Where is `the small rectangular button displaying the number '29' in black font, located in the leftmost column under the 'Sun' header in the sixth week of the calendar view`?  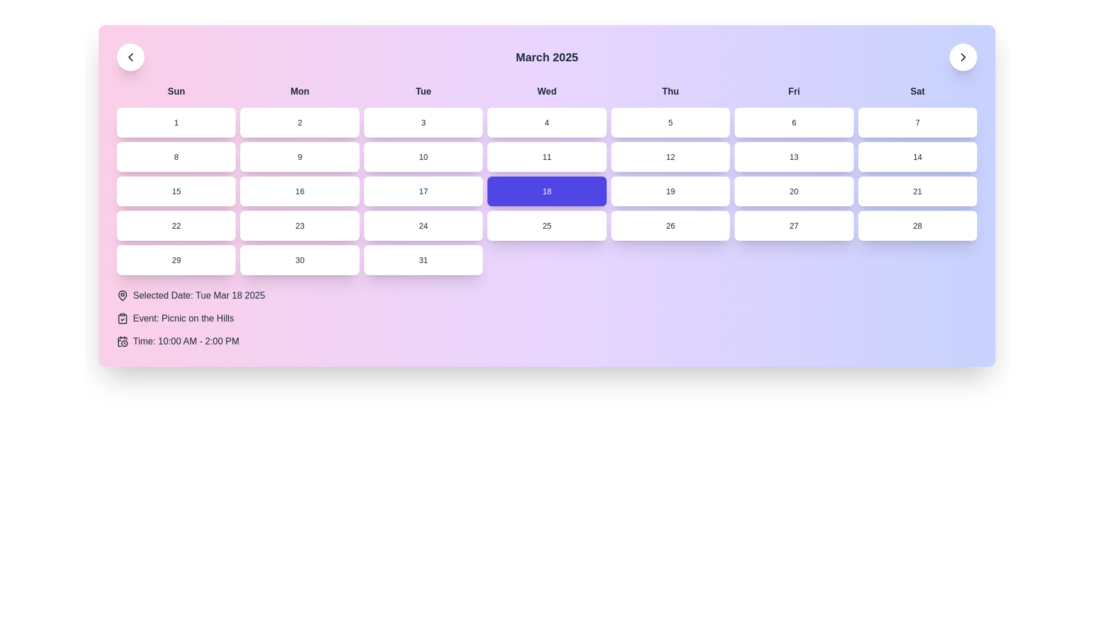
the small rectangular button displaying the number '29' in black font, located in the leftmost column under the 'Sun' header in the sixth week of the calendar view is located at coordinates (175, 260).